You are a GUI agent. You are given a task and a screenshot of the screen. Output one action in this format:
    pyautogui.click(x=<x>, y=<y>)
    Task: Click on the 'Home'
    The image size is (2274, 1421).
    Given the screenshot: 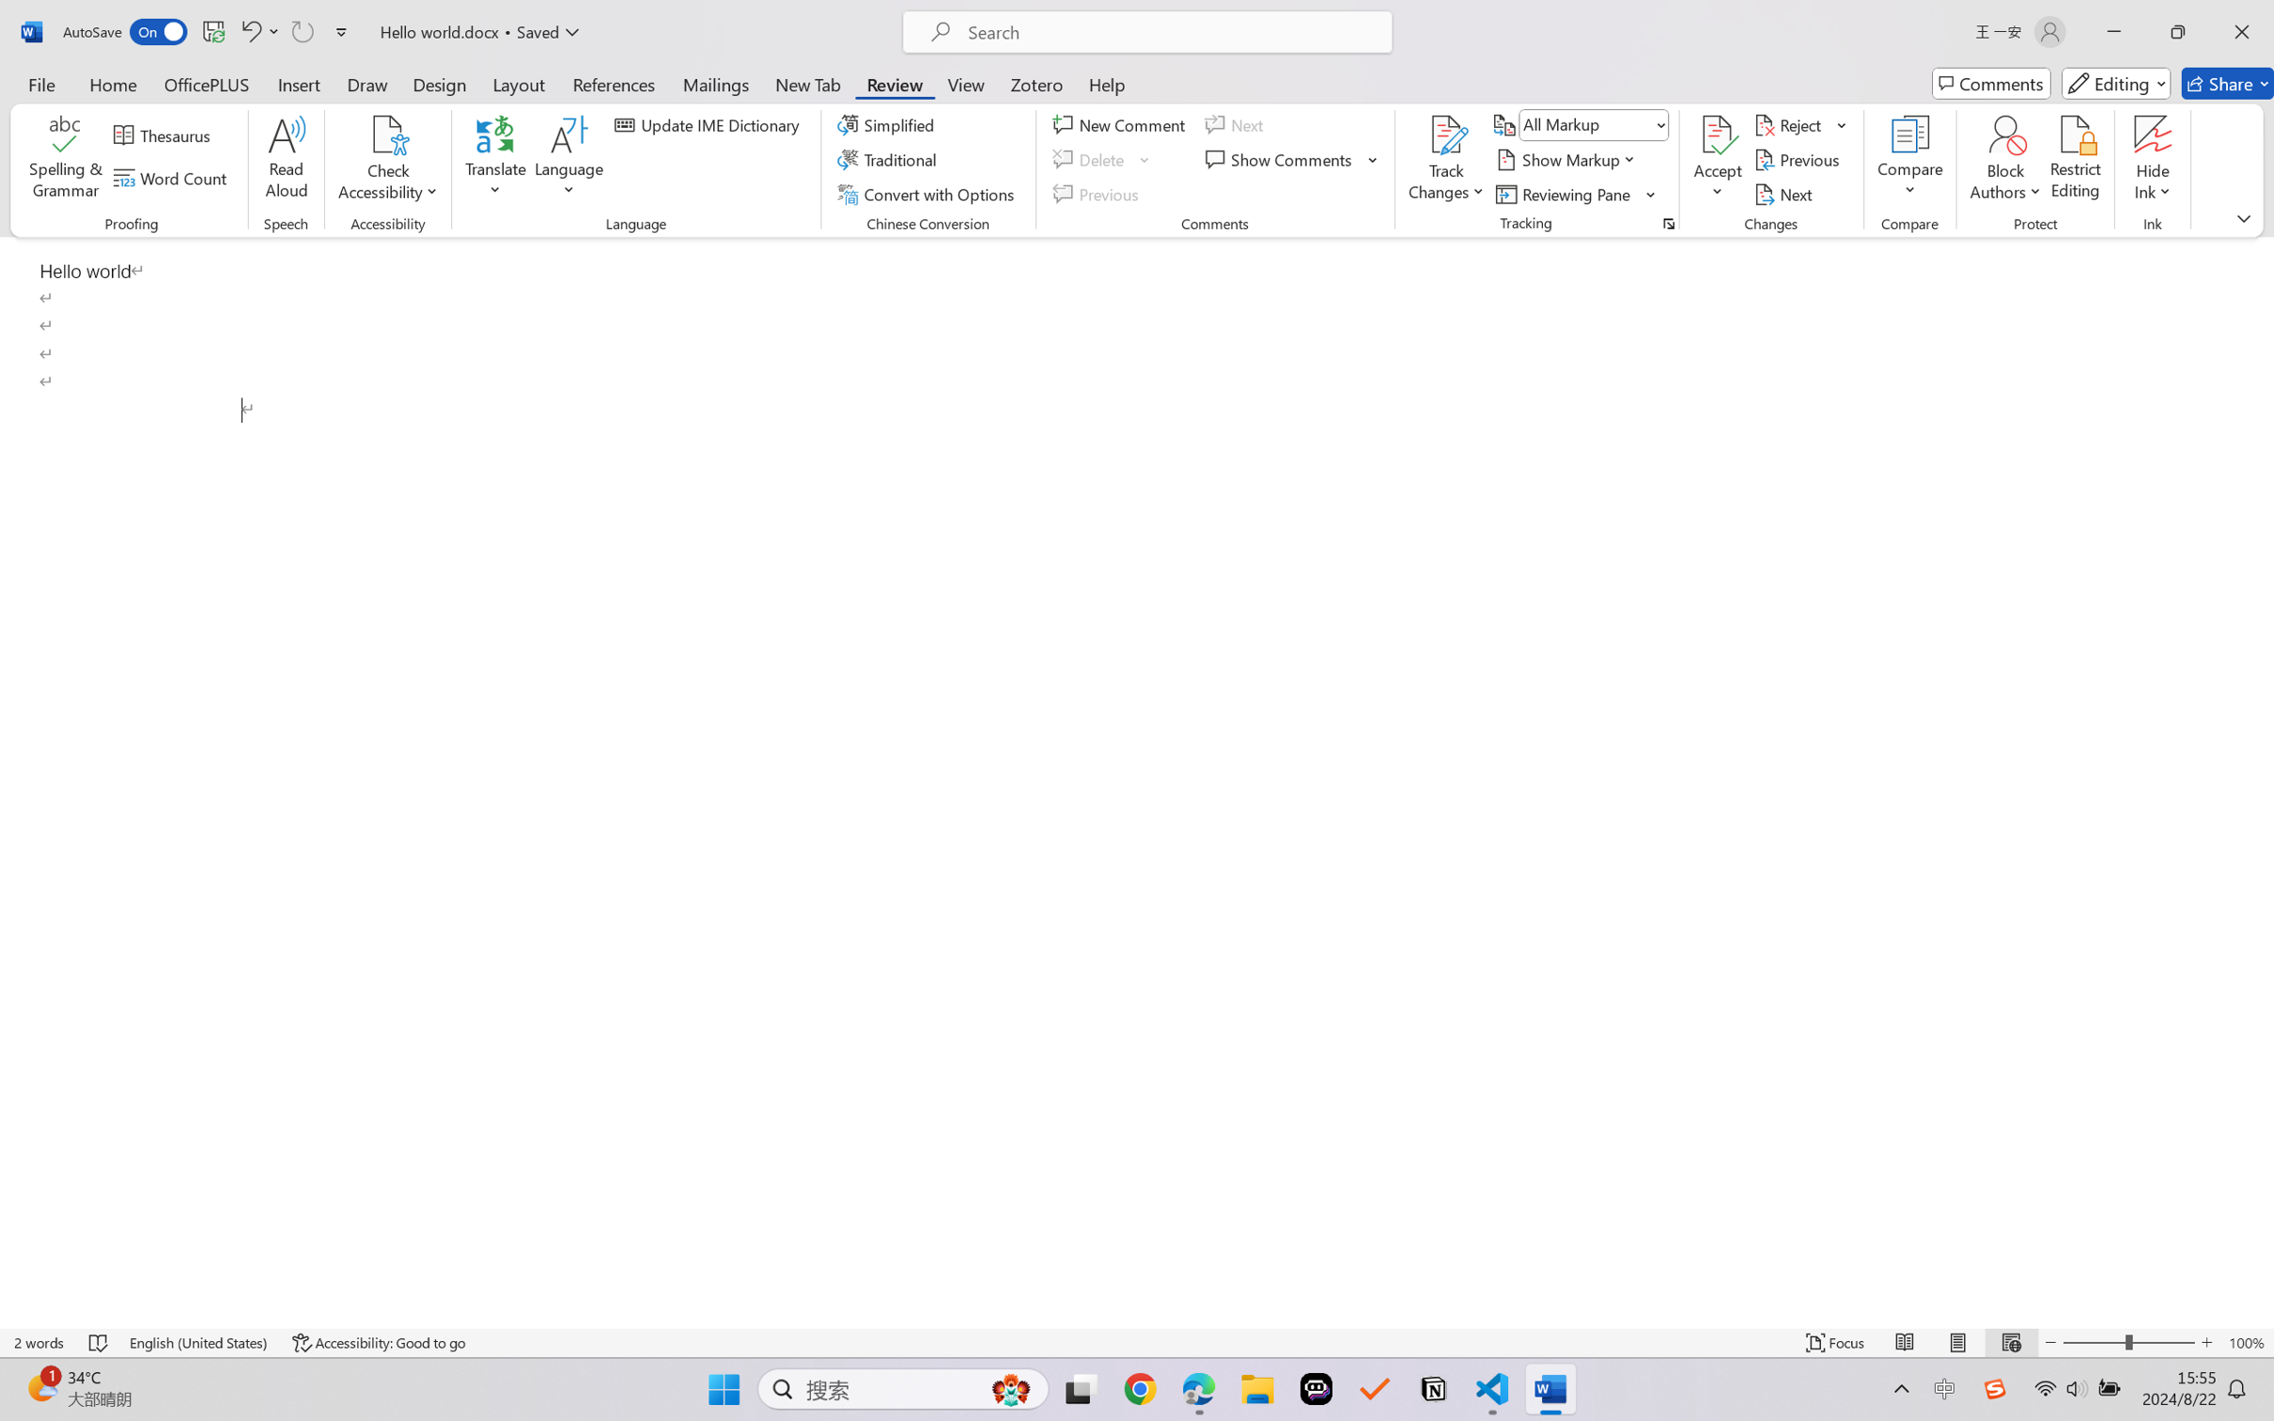 What is the action you would take?
    pyautogui.click(x=114, y=83)
    